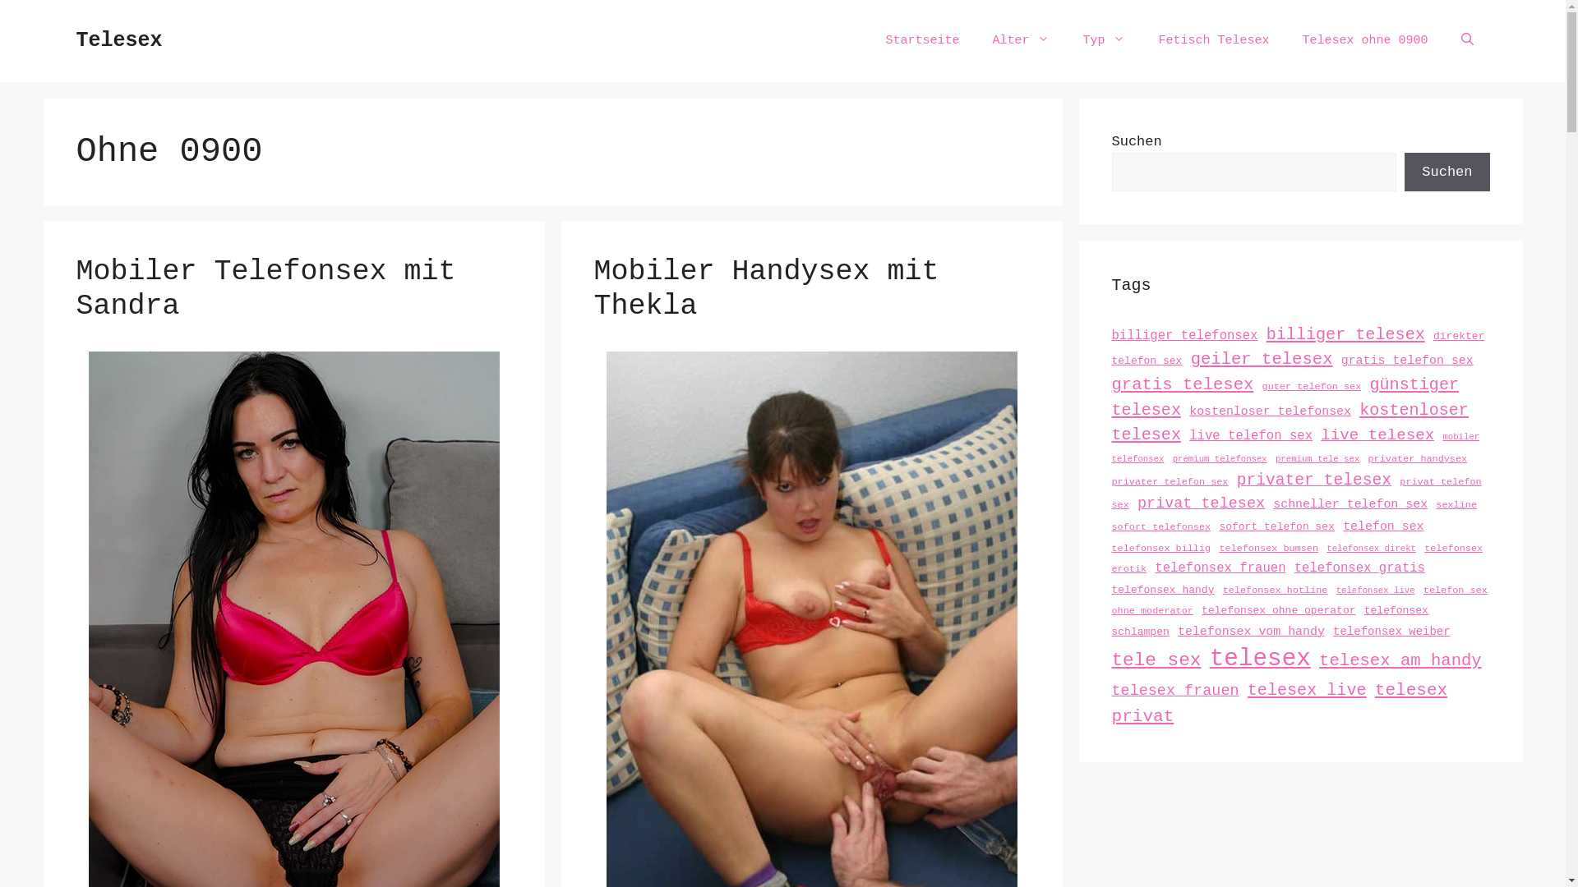 Image resolution: width=1578 pixels, height=887 pixels. I want to click on 'telesex frauen', so click(1174, 691).